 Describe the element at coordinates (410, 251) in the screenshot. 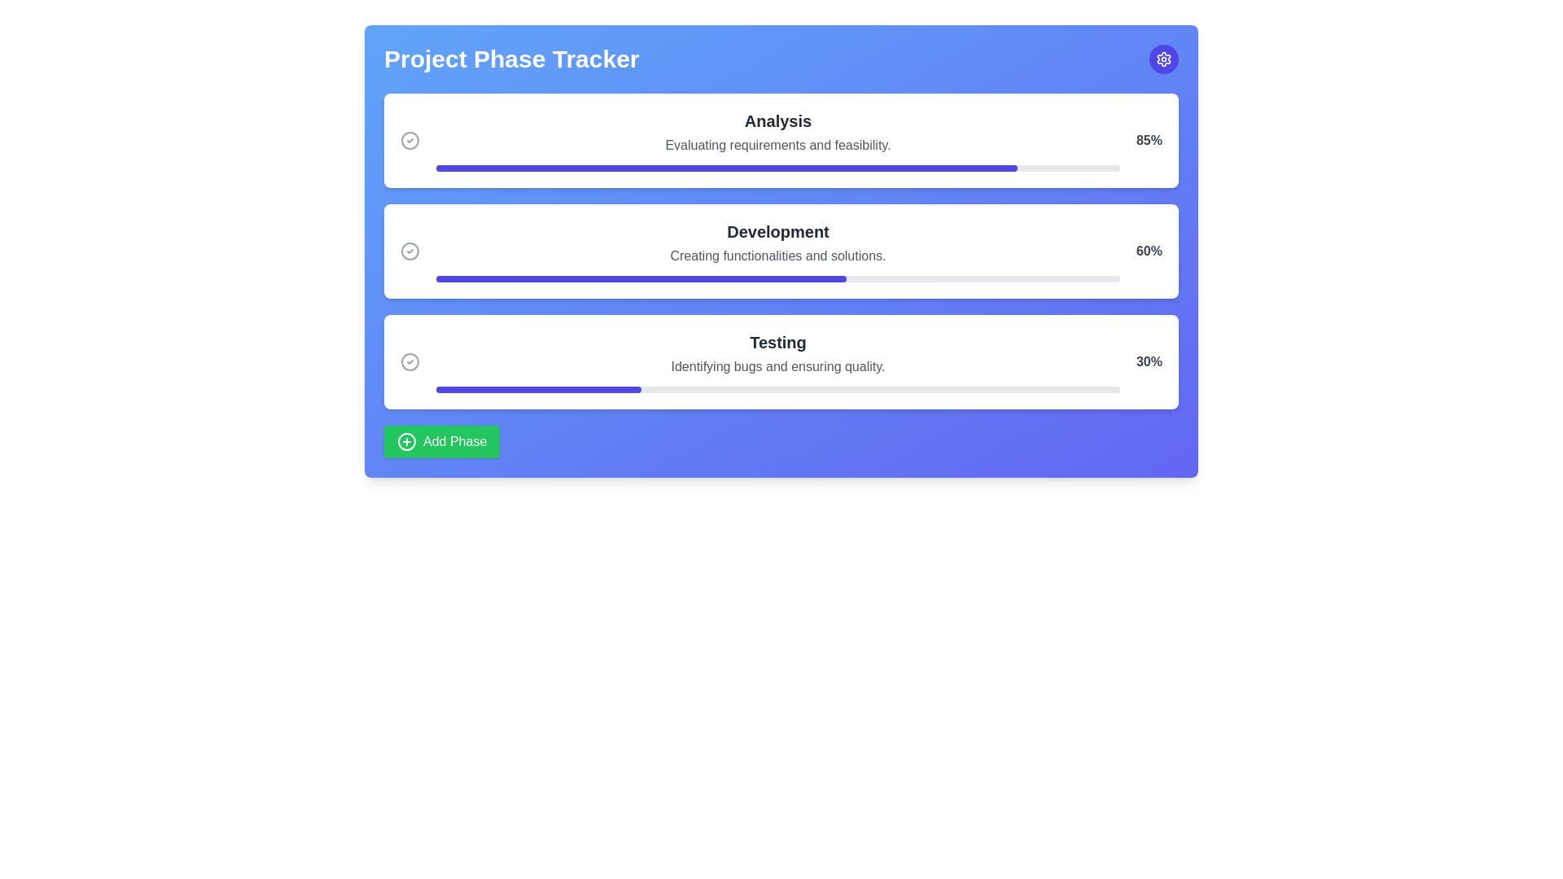

I see `the SVG icon indicating the status or action related to the 'Development' process, located next to the 'Development' heading text` at that location.